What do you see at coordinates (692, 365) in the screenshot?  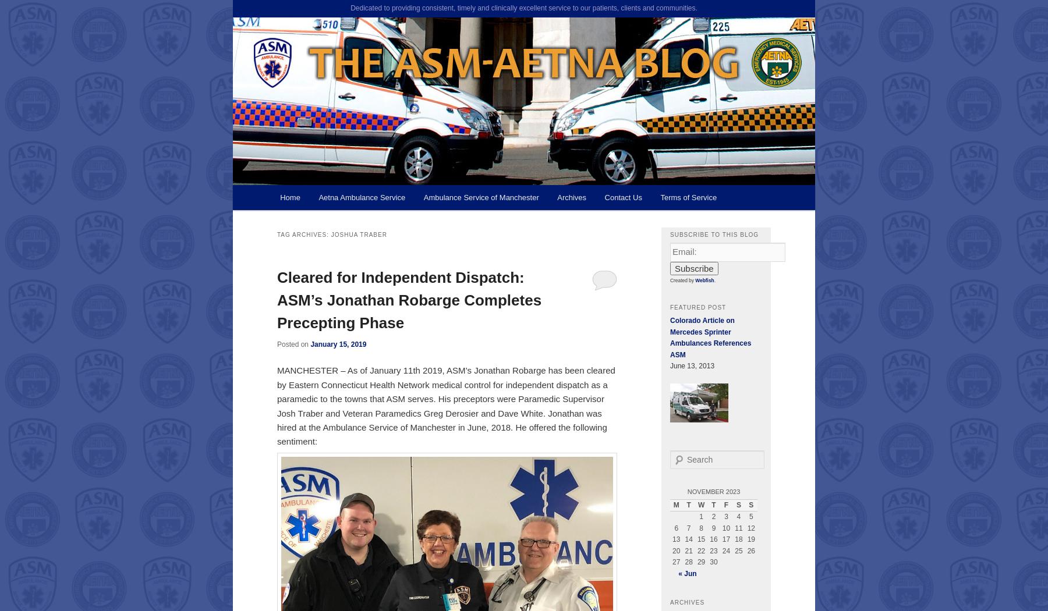 I see `'June 13, 2013'` at bounding box center [692, 365].